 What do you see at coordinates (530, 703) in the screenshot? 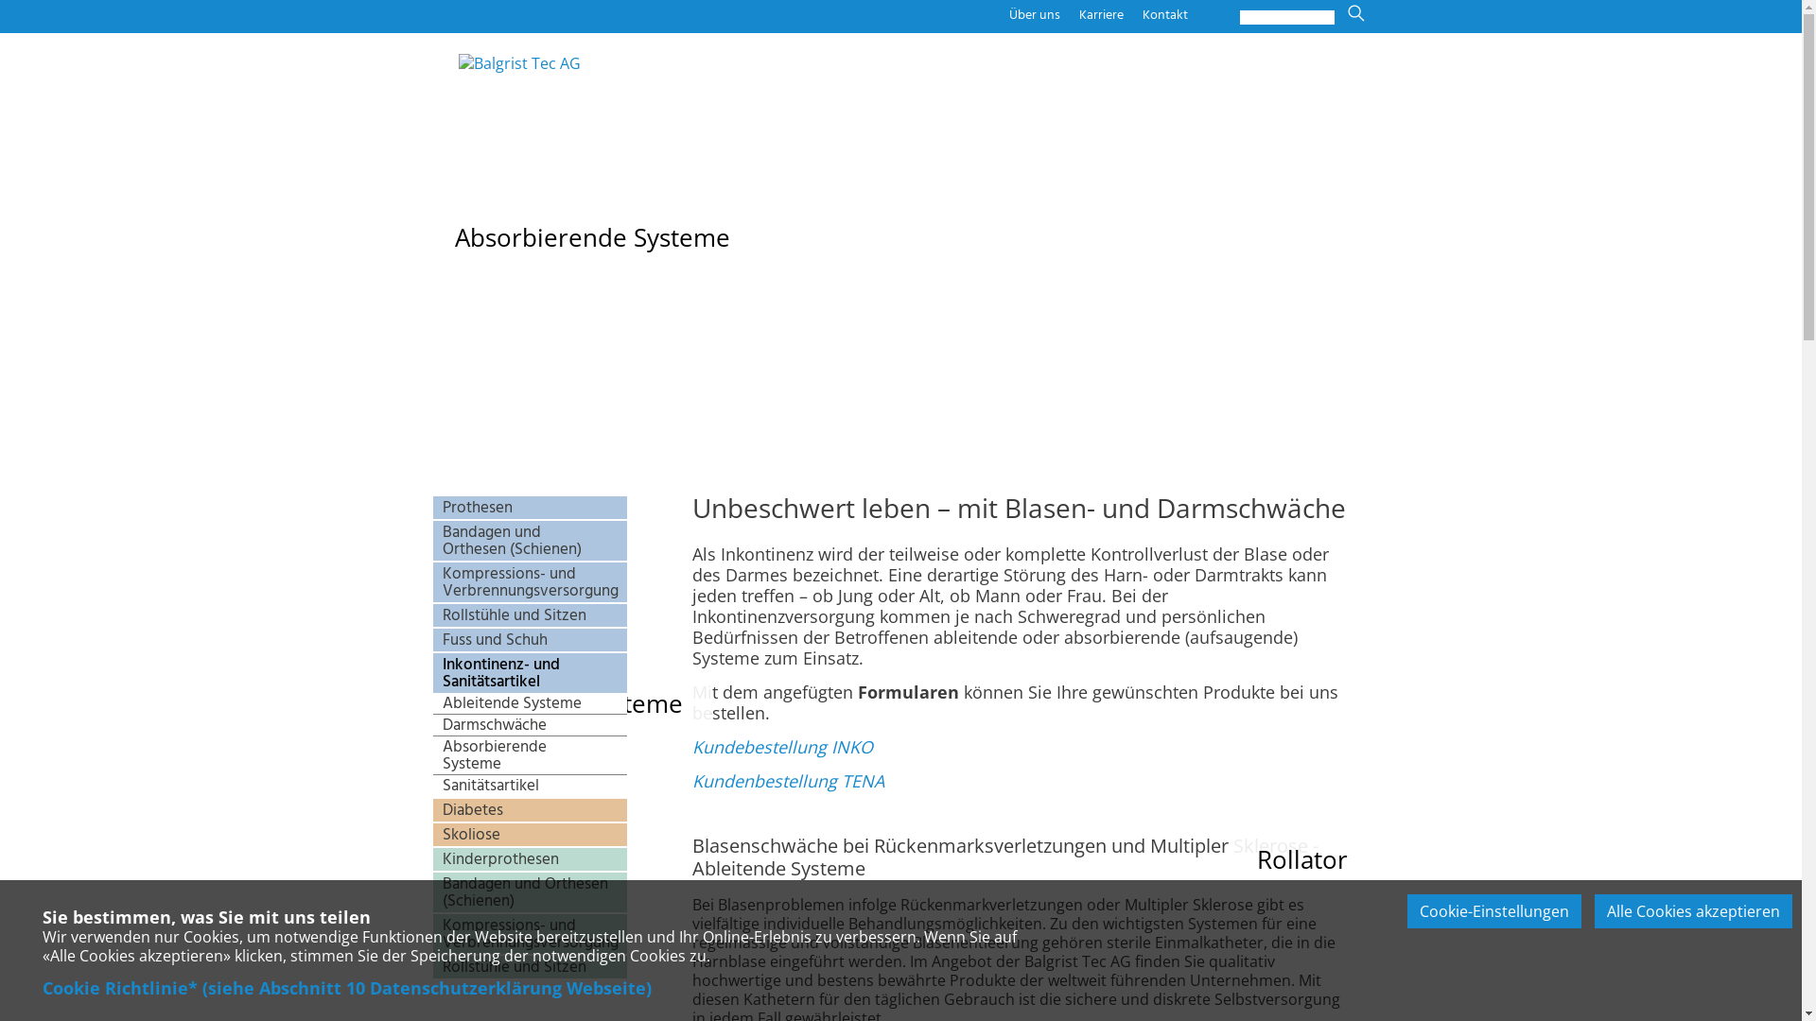
I see `'Ableitende Systeme'` at bounding box center [530, 703].